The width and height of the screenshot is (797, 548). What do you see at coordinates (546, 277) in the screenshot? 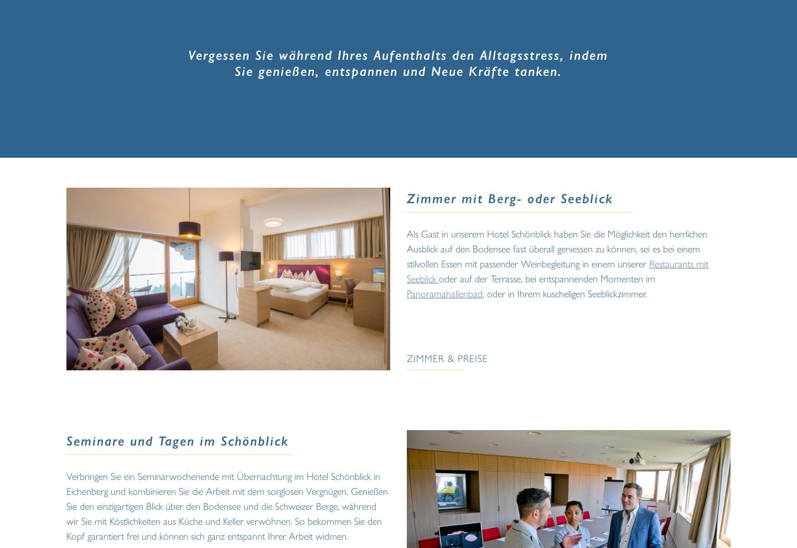
I see `'oder auf der Terrasse, bei entspannenden Momenten im'` at bounding box center [546, 277].